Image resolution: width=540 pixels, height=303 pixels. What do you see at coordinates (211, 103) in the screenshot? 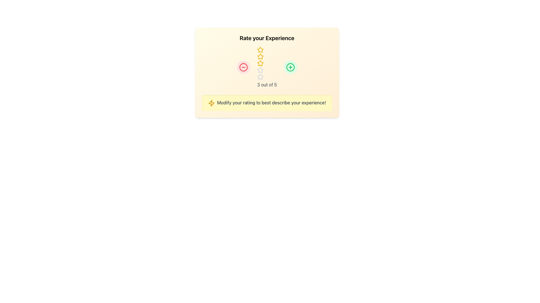
I see `the icon representing the modification of ratings, located in the yellow highlight area at the bottom of the 'Rate your Experience' card, directly to the left of the text block` at bounding box center [211, 103].